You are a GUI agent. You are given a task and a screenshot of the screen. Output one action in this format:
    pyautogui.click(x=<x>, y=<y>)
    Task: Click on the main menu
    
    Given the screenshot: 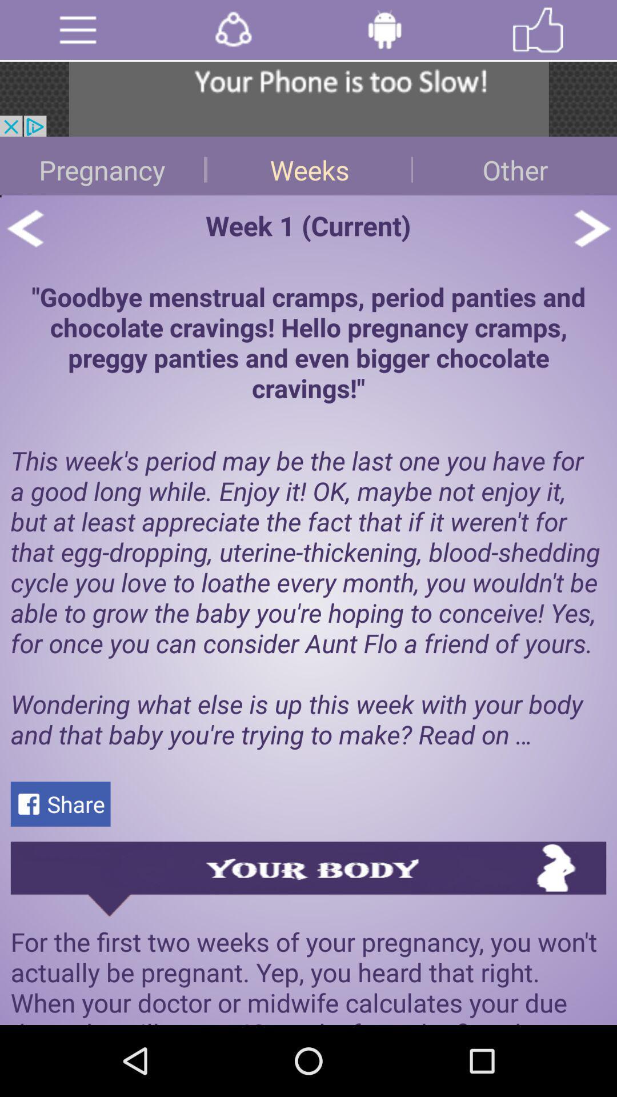 What is the action you would take?
    pyautogui.click(x=77, y=30)
    